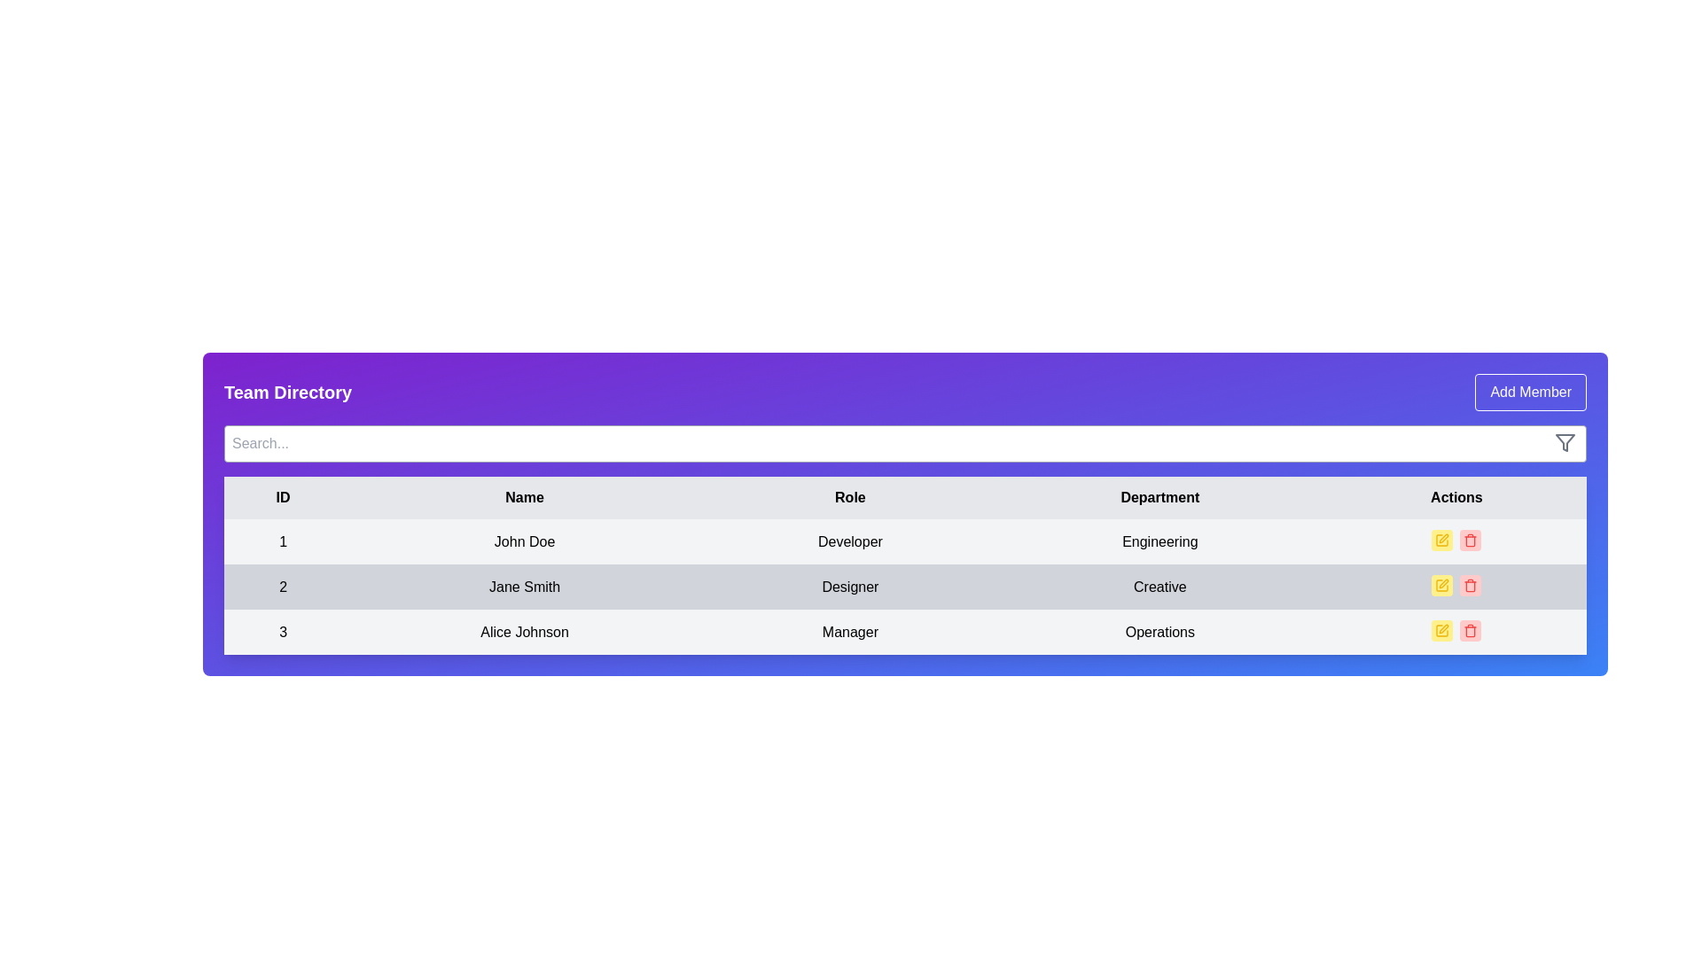 Image resolution: width=1702 pixels, height=957 pixels. I want to click on the static text label displaying 'Operations', which is located in the fourth column of the third row under the 'Department' header, so click(1159, 631).